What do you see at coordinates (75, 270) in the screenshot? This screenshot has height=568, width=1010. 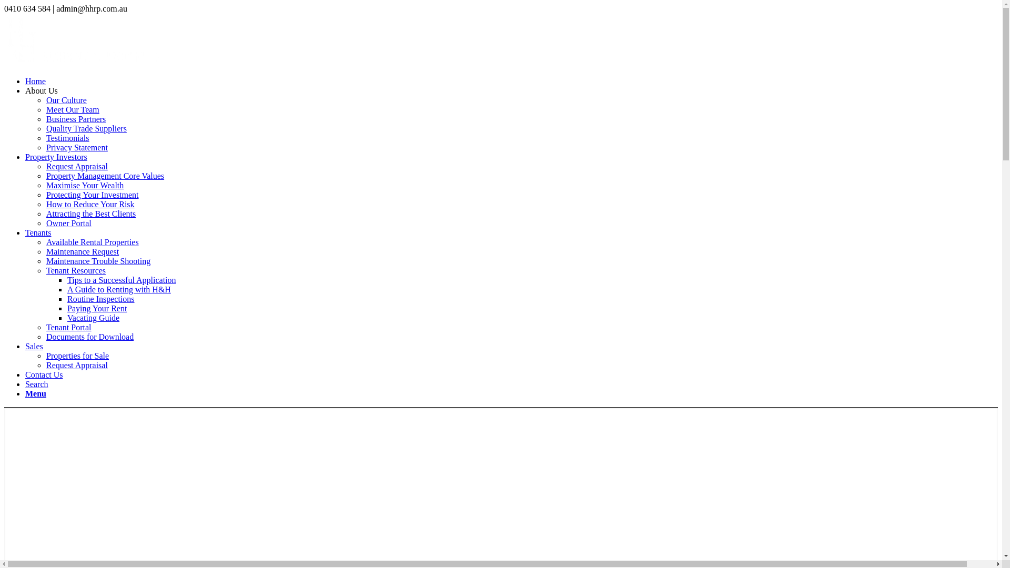 I see `'Tenant Resources'` at bounding box center [75, 270].